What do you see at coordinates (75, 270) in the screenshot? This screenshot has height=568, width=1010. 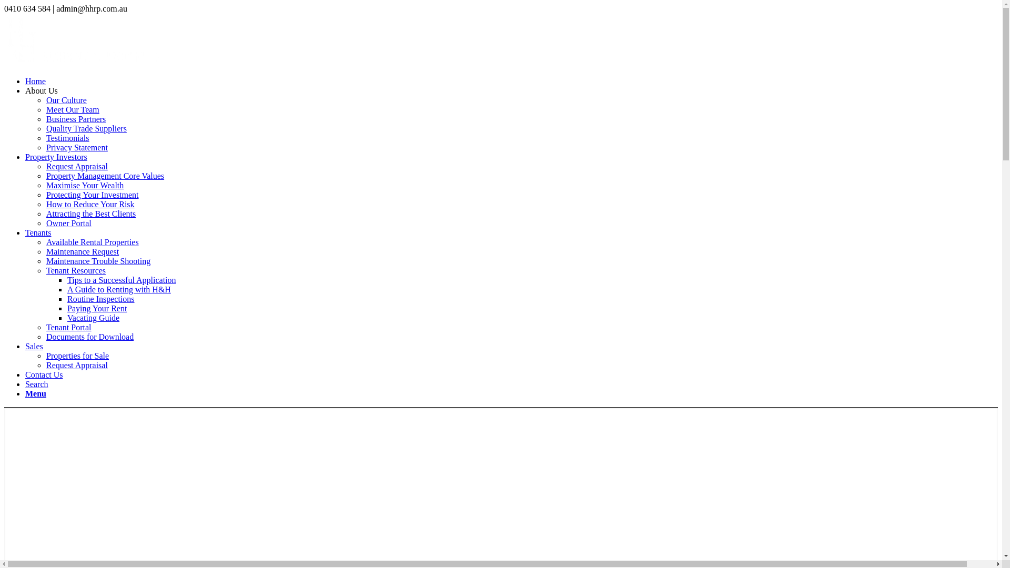 I see `'Tenant Resources'` at bounding box center [75, 270].